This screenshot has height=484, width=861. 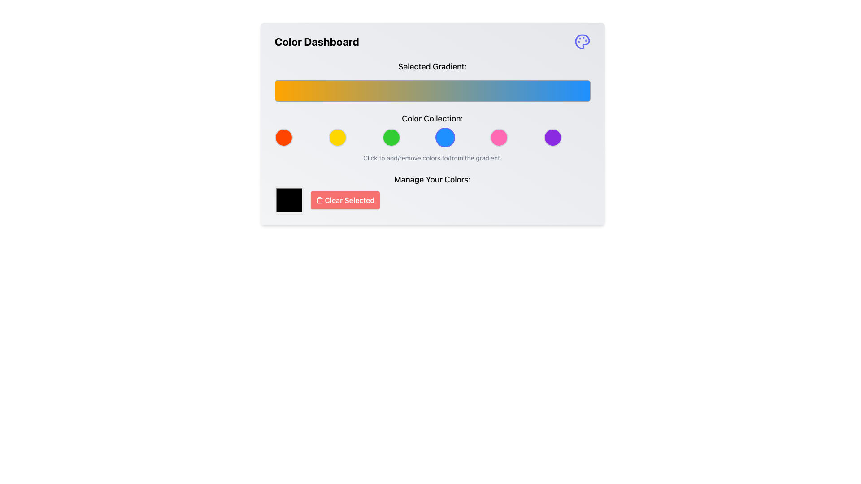 I want to click on the gradient selection, so click(x=372, y=91).